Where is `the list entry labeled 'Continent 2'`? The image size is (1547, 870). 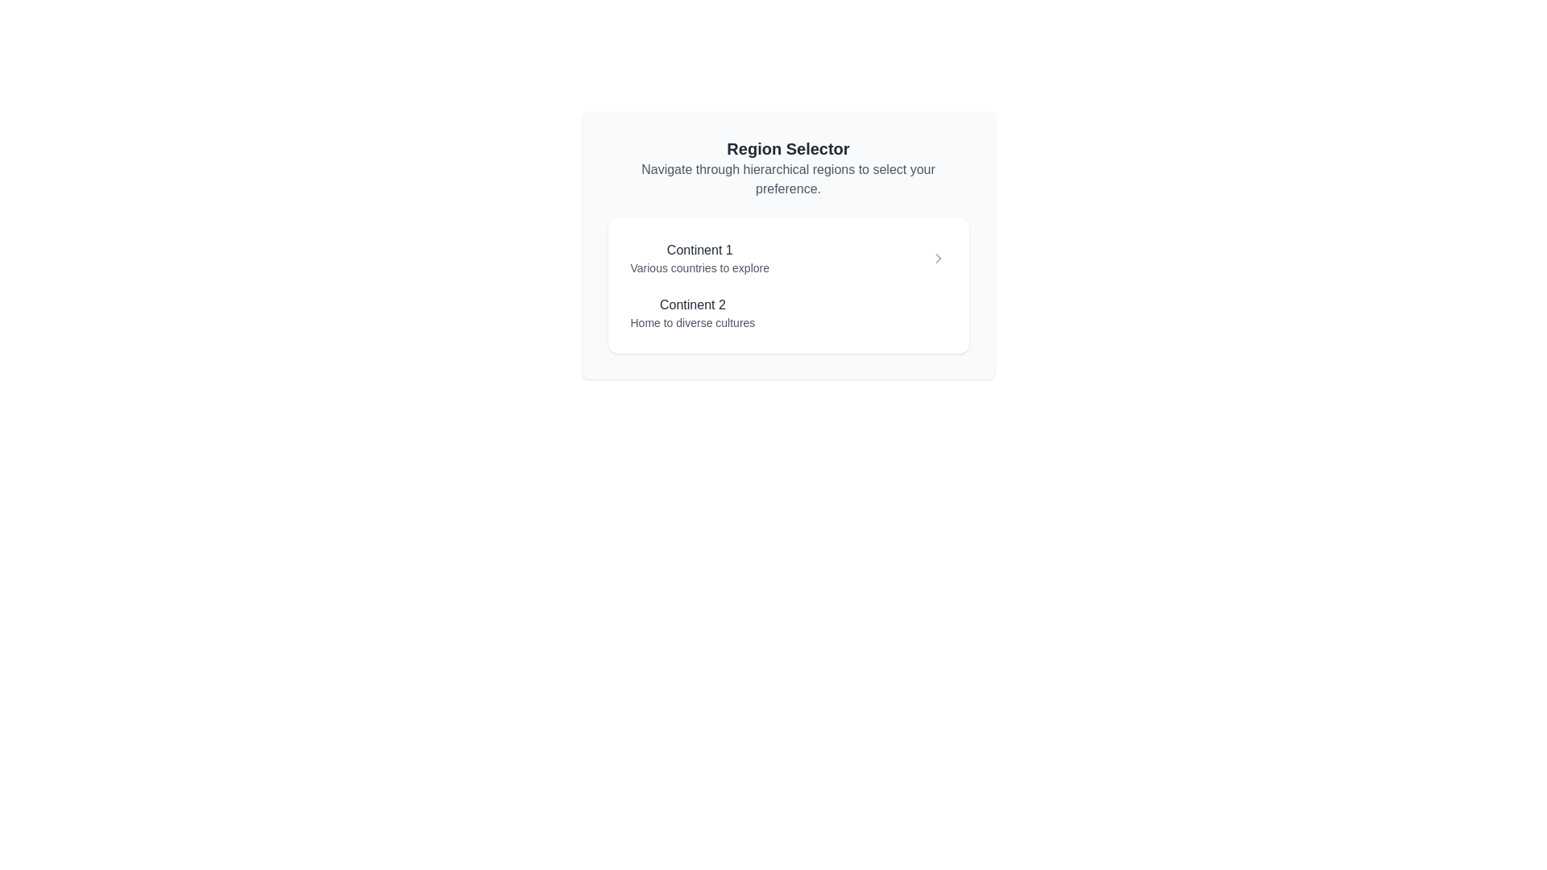
the list entry labeled 'Continent 2' is located at coordinates (692, 313).